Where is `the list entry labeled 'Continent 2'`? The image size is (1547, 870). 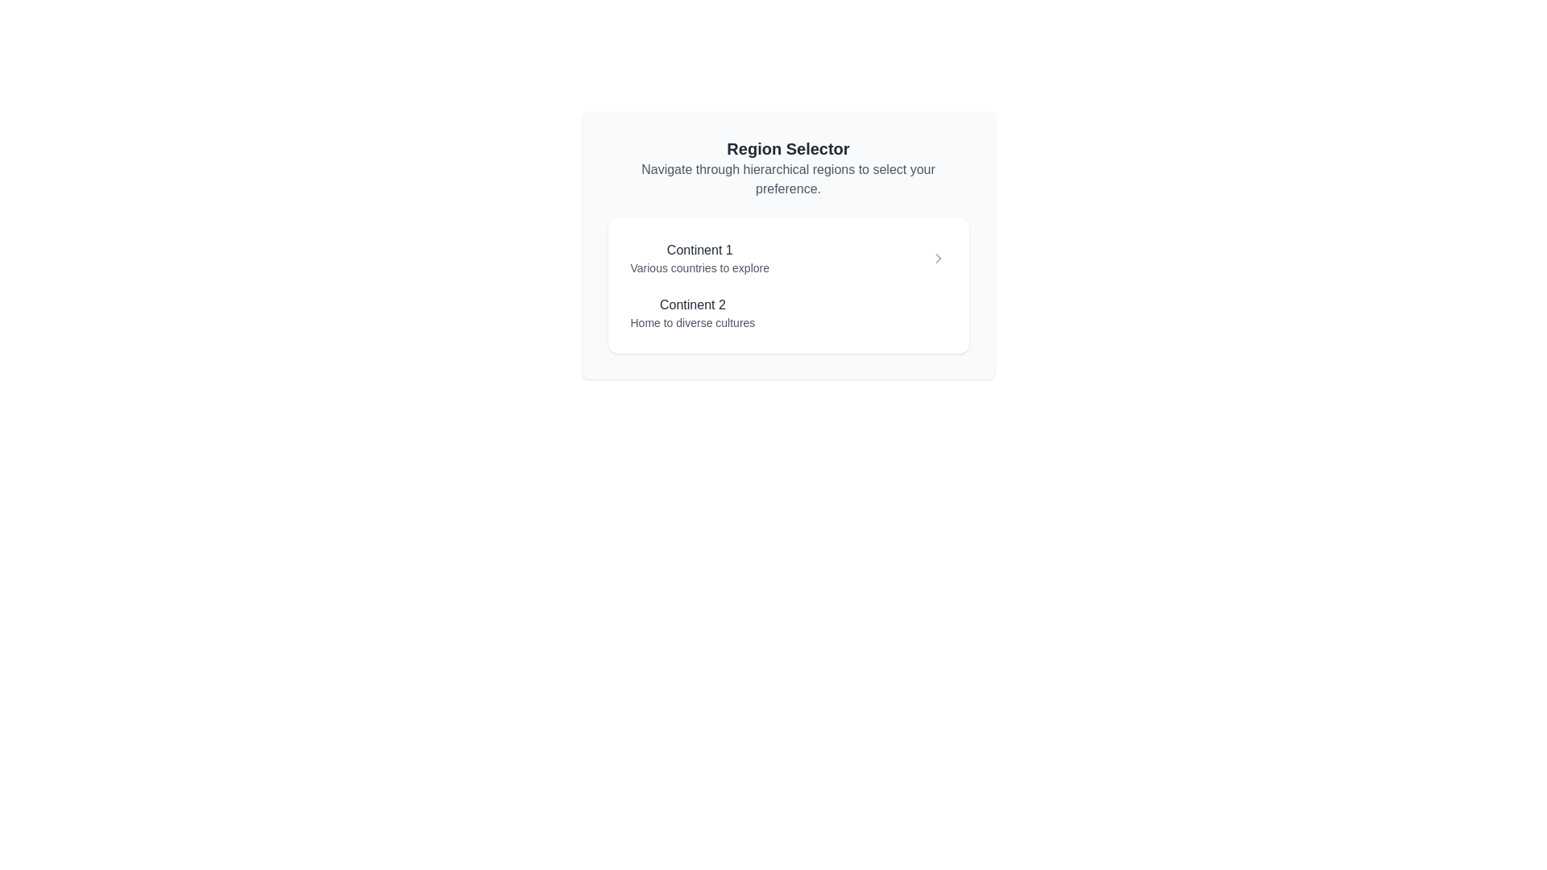
the list entry labeled 'Continent 2' is located at coordinates (692, 313).